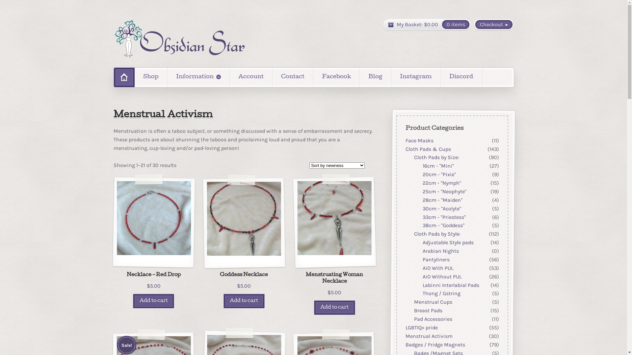  Describe the element at coordinates (428, 149) in the screenshot. I see `'Cloth Pads & Cups'` at that location.